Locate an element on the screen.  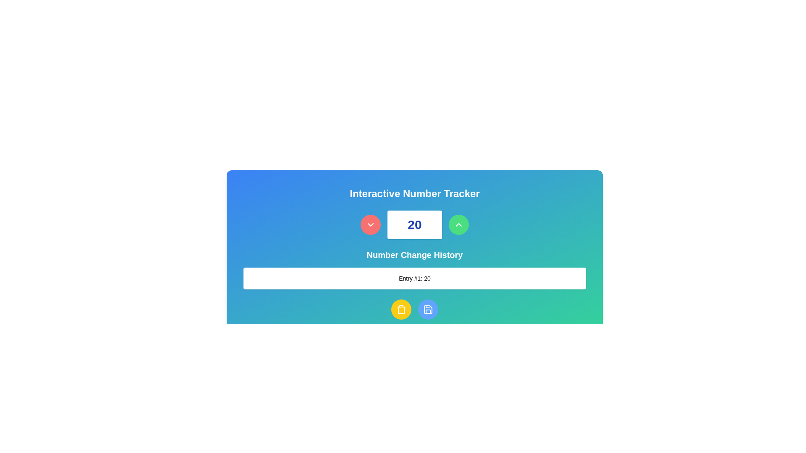
the header text label that indicates the history of changes to a number, which is centrally aligned and positioned below the numerical tracker component is located at coordinates (415, 255).